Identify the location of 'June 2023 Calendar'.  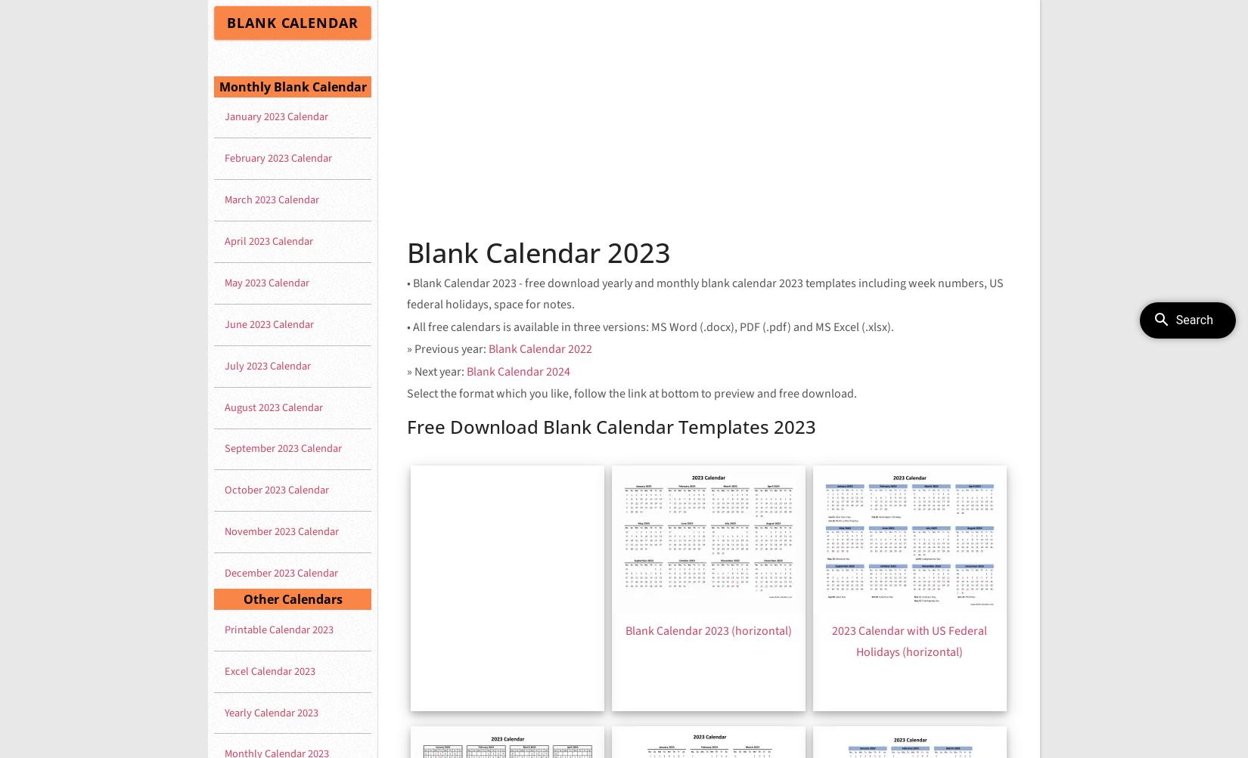
(269, 323).